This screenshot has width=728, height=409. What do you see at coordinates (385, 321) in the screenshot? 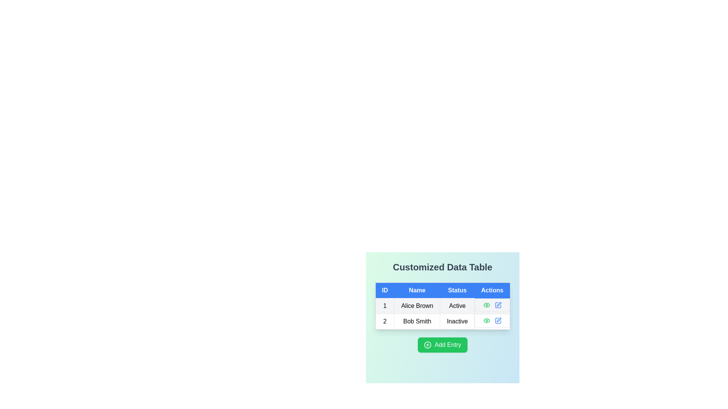
I see `the Text cell in the second row and first column of the table, which displays the unique identifier for the row containing 'Bob Smith' and 'Inactive'` at bounding box center [385, 321].